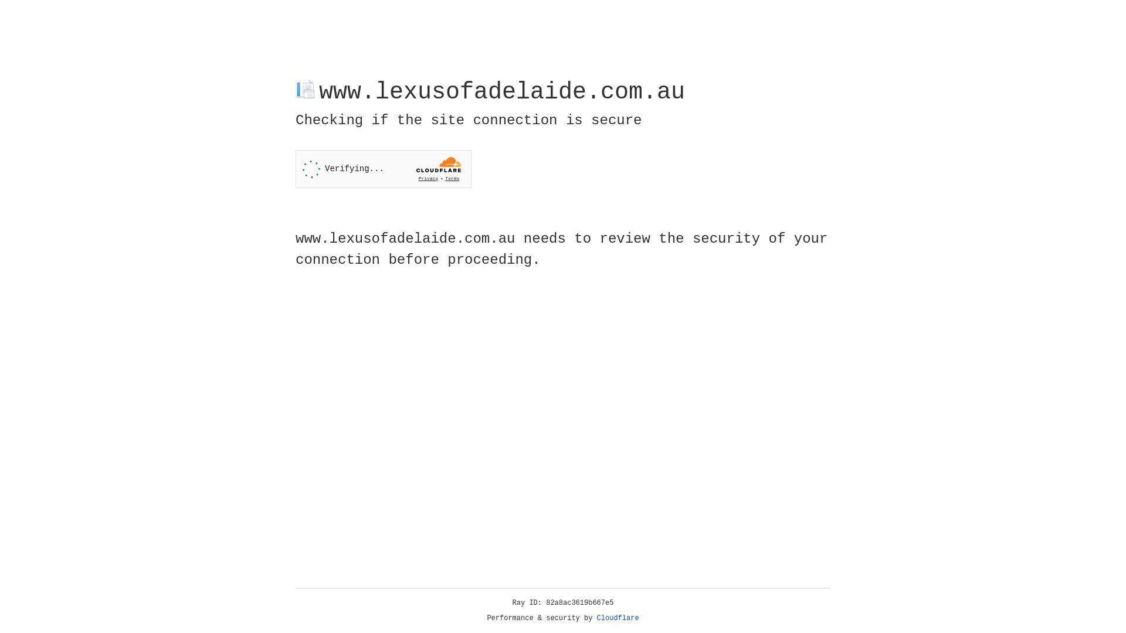  I want to click on 'Cloudflare', so click(618, 618).